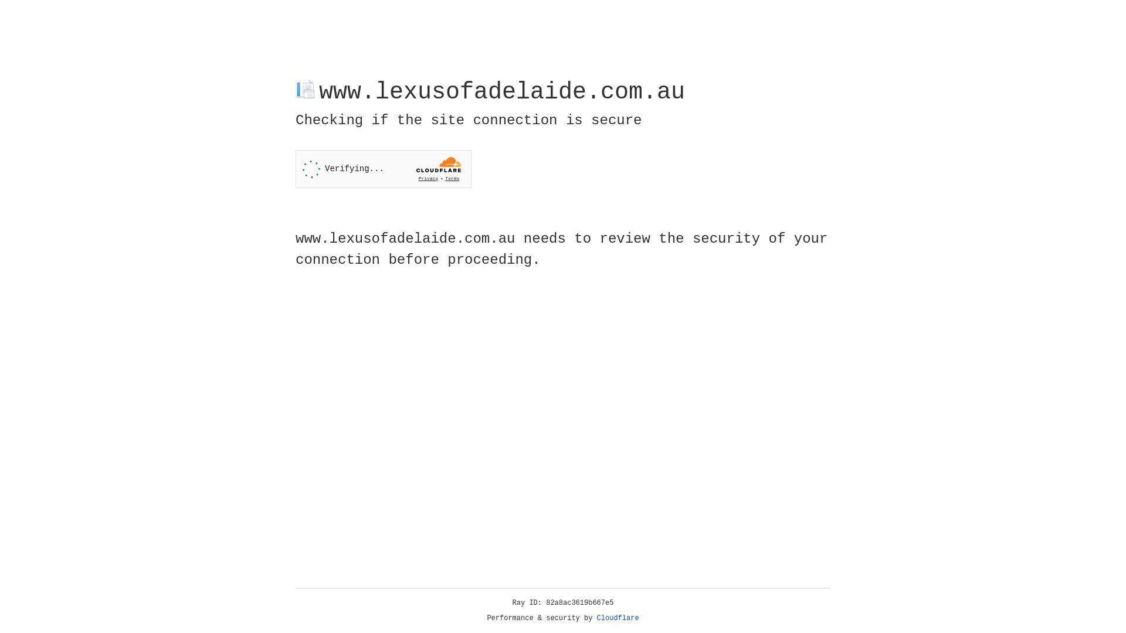  I want to click on 'Cloudflare', so click(618, 618).